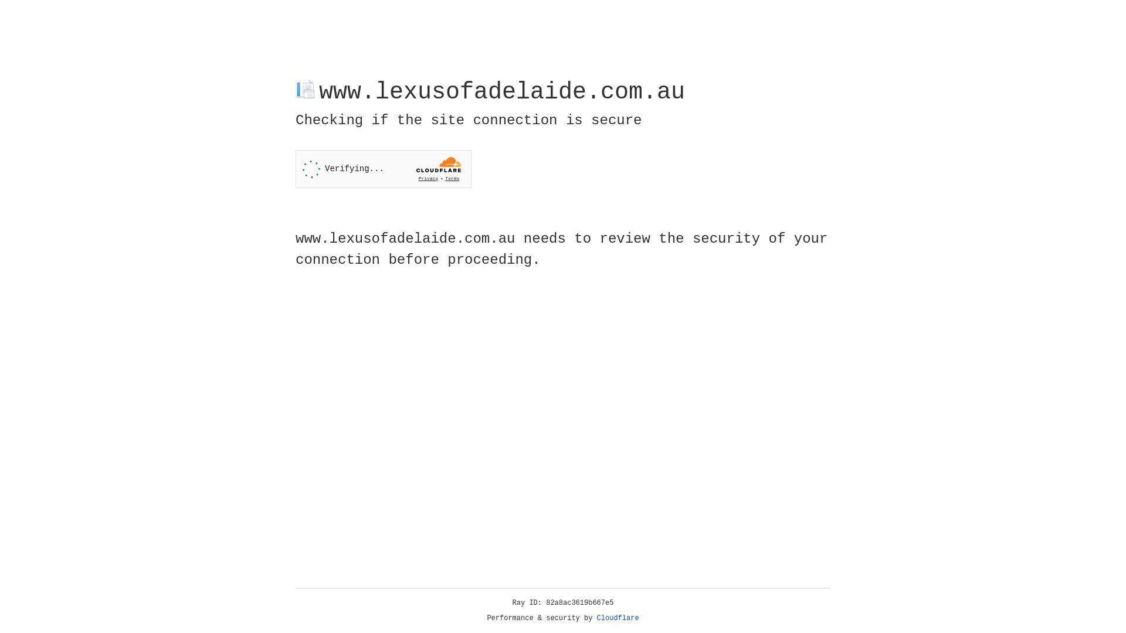  I want to click on 'Cloudflare', so click(618, 618).